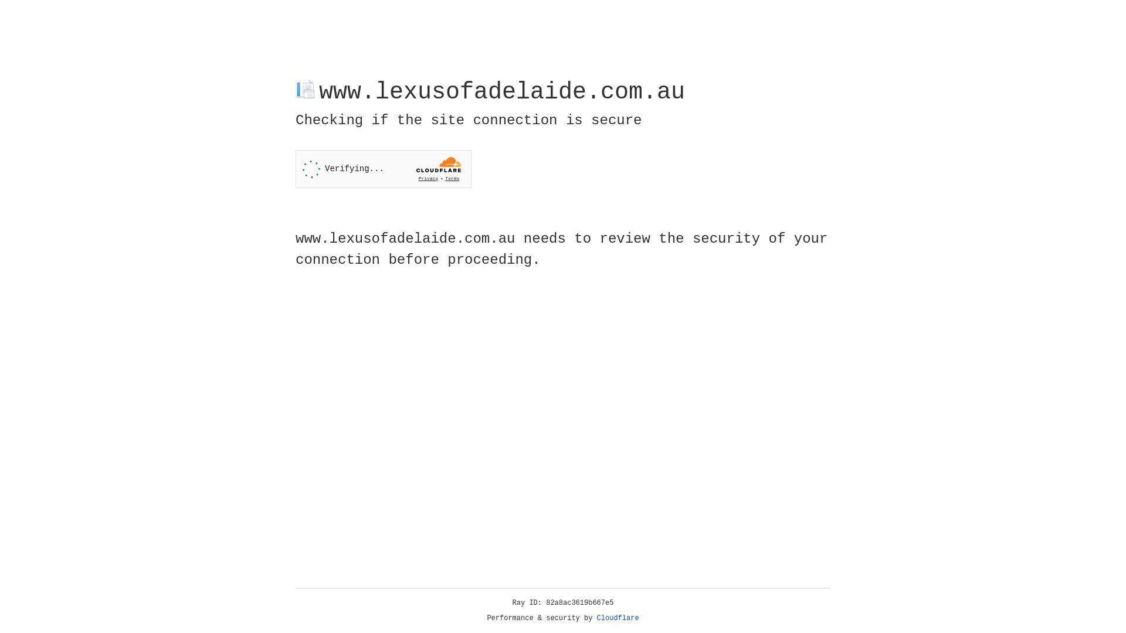  I want to click on 'Cloudflare', so click(618, 618).